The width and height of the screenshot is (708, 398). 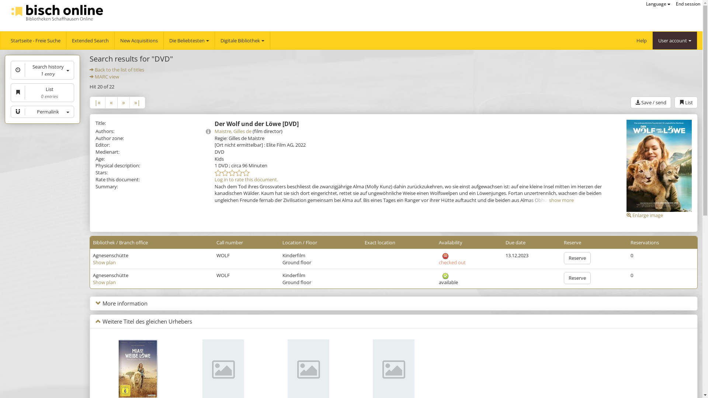 I want to click on 'Details', so click(x=208, y=130).